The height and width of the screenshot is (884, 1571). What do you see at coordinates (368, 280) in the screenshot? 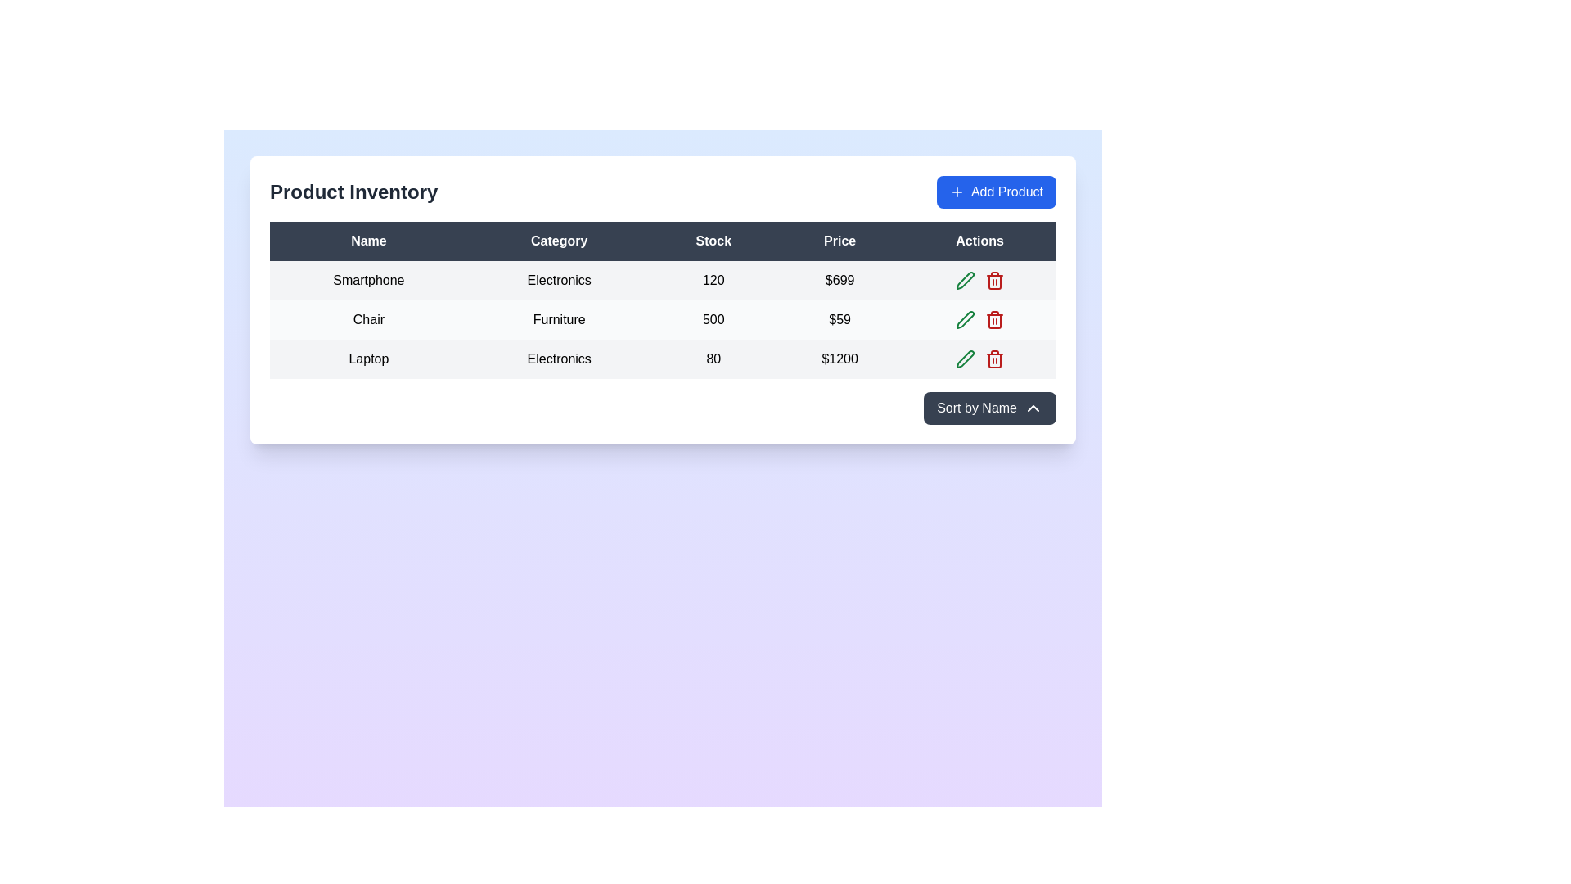
I see `the Text Label displaying the product name in the first row of the table, which identifies the product type, aligned with 'Electronics' in the 'Category' column and '$699' in the 'Price' column` at bounding box center [368, 280].